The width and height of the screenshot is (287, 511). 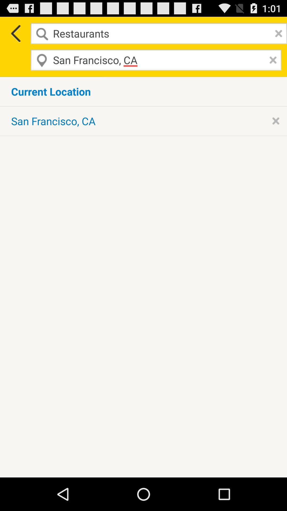 I want to click on back, so click(x=15, y=33).